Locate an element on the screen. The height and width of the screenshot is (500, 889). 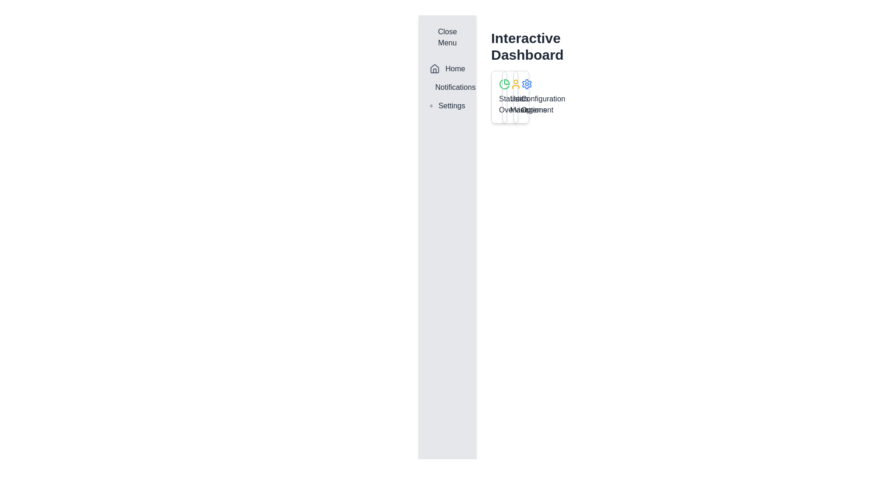
the gear-shaped 'Settings' icon located at the top right of the dashboard is located at coordinates (526, 84).